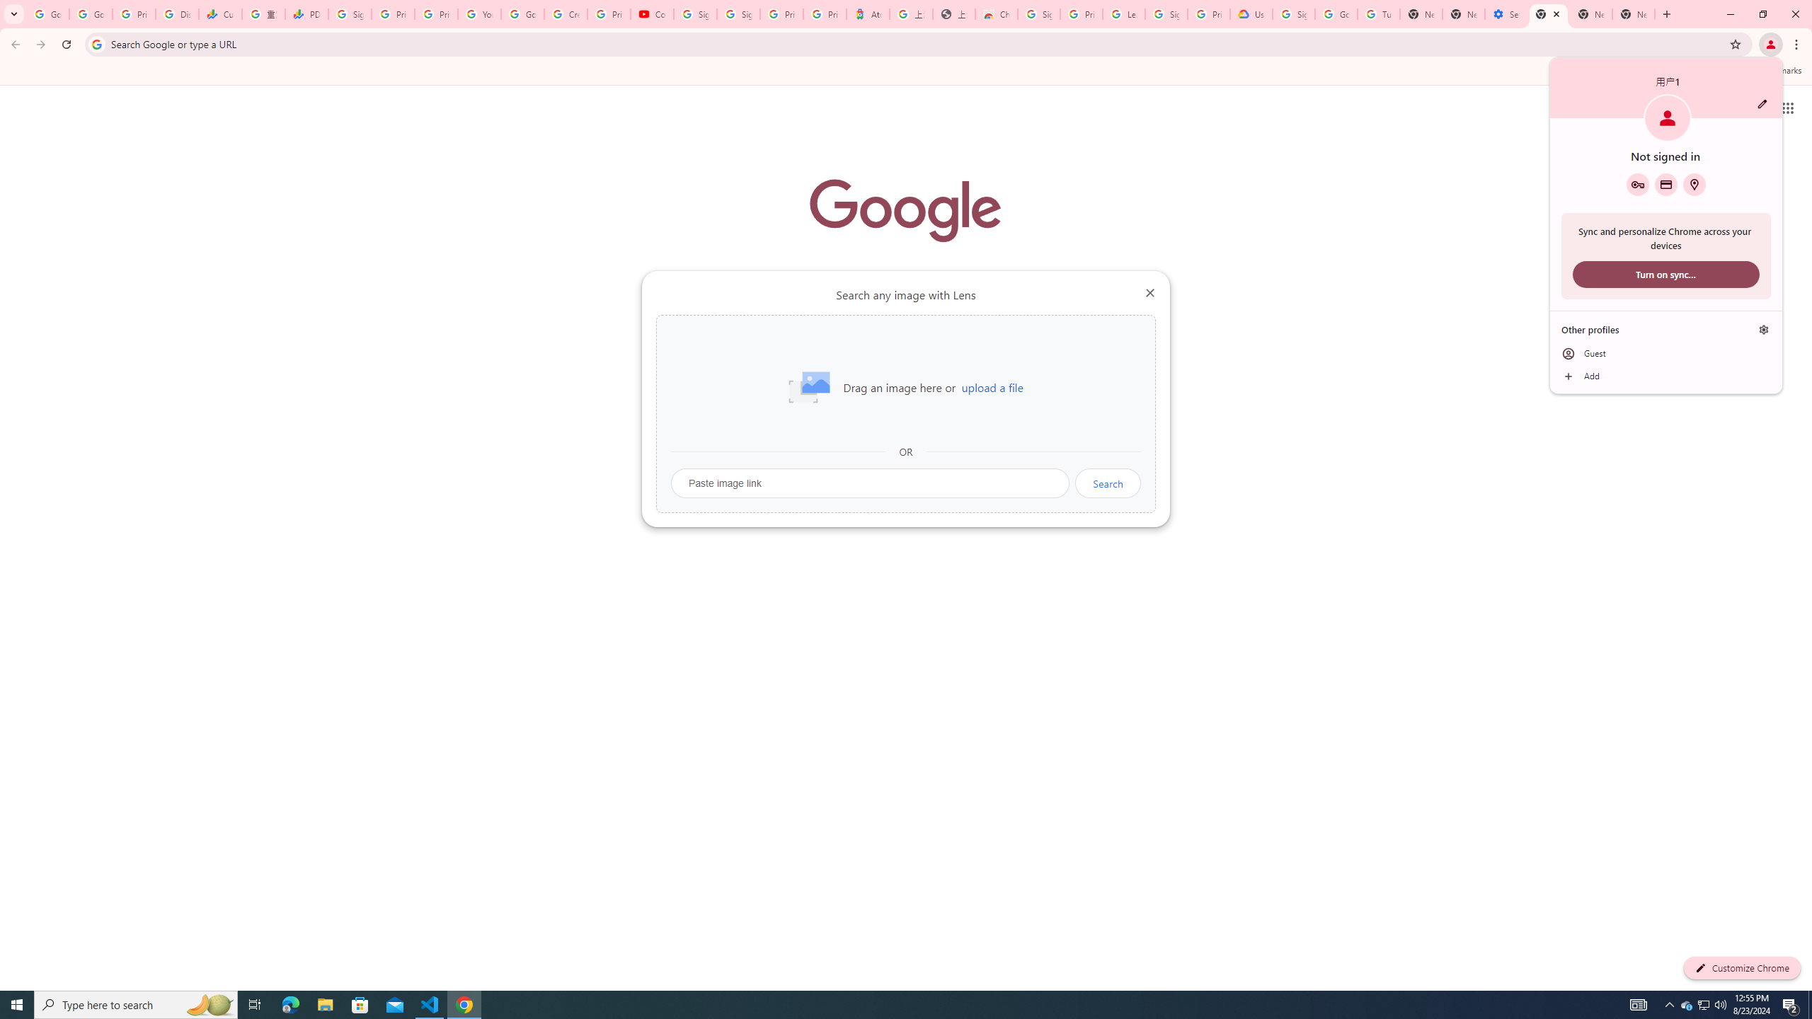 Image resolution: width=1812 pixels, height=1019 pixels. I want to click on 'Search highlights icon opens search home window', so click(208, 1003).